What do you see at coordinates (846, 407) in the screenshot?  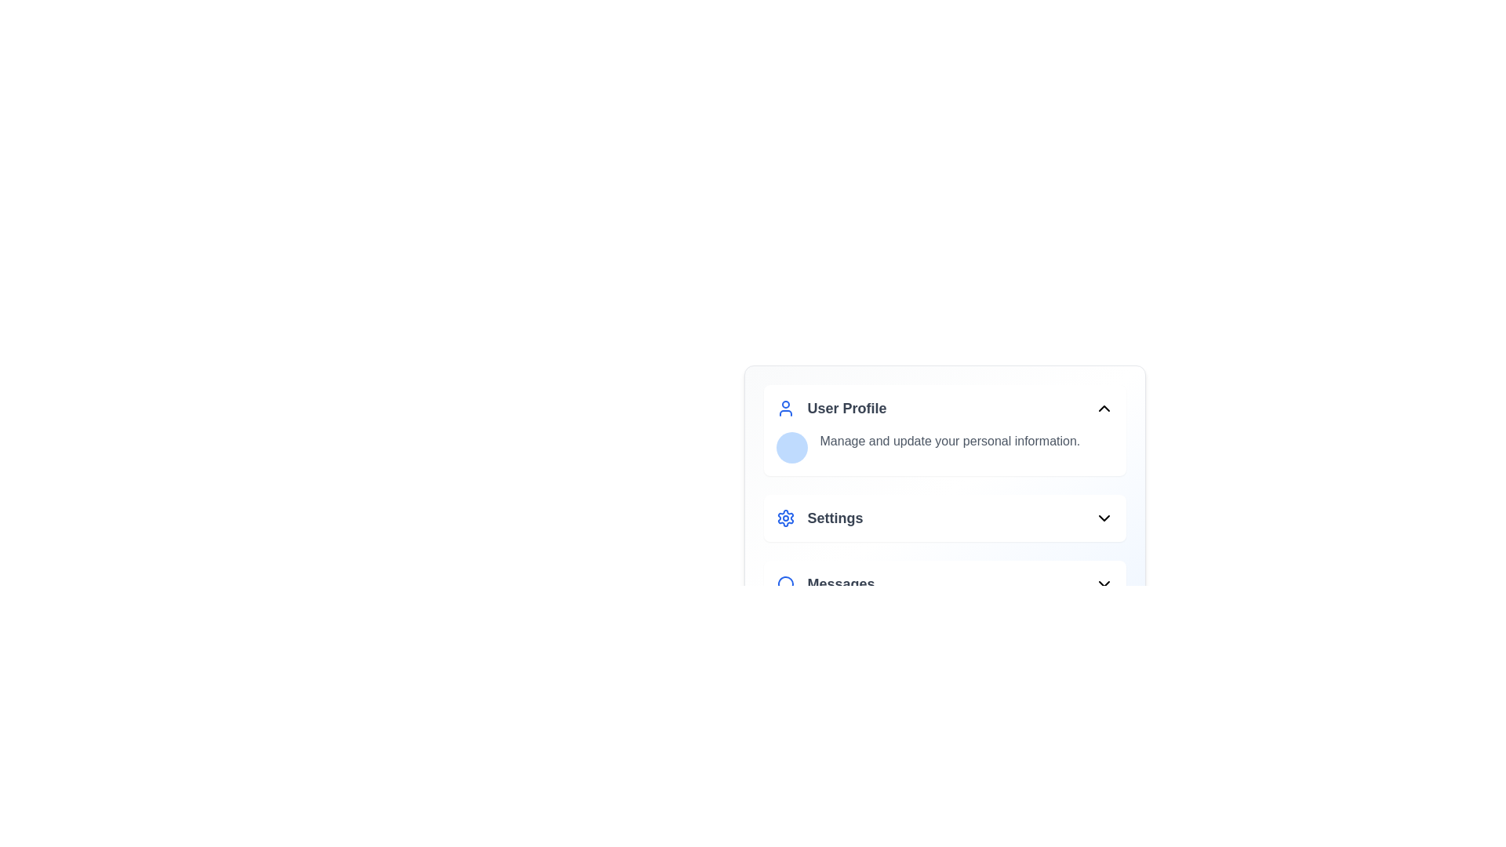 I see `text content of the 'User Profile' heading, which is displayed in a bold, large gray font at the top of the sidebar menu` at bounding box center [846, 407].